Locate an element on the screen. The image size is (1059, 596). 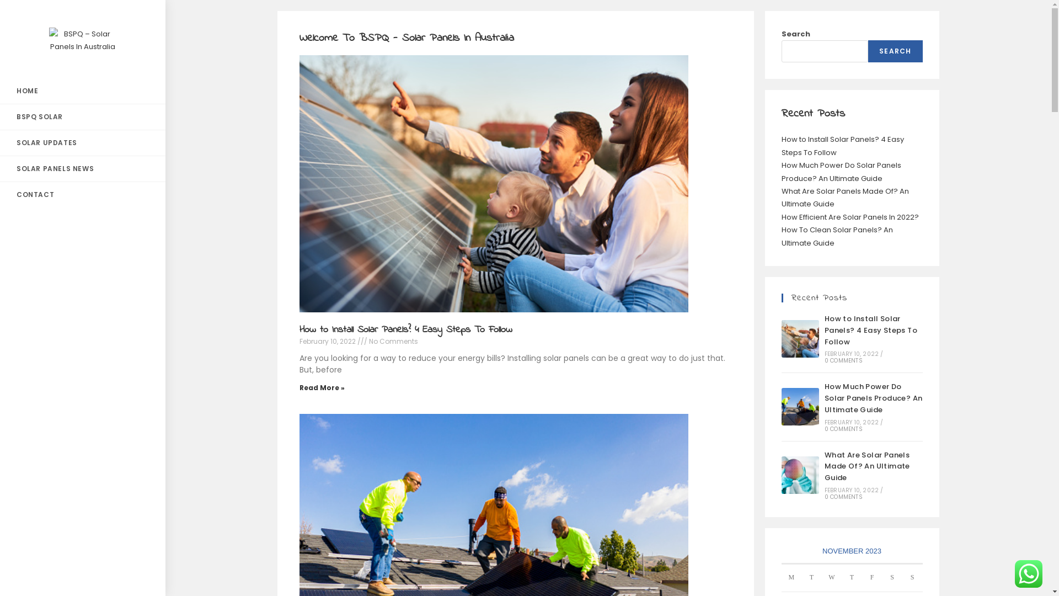
'CONTACT' is located at coordinates (82, 194).